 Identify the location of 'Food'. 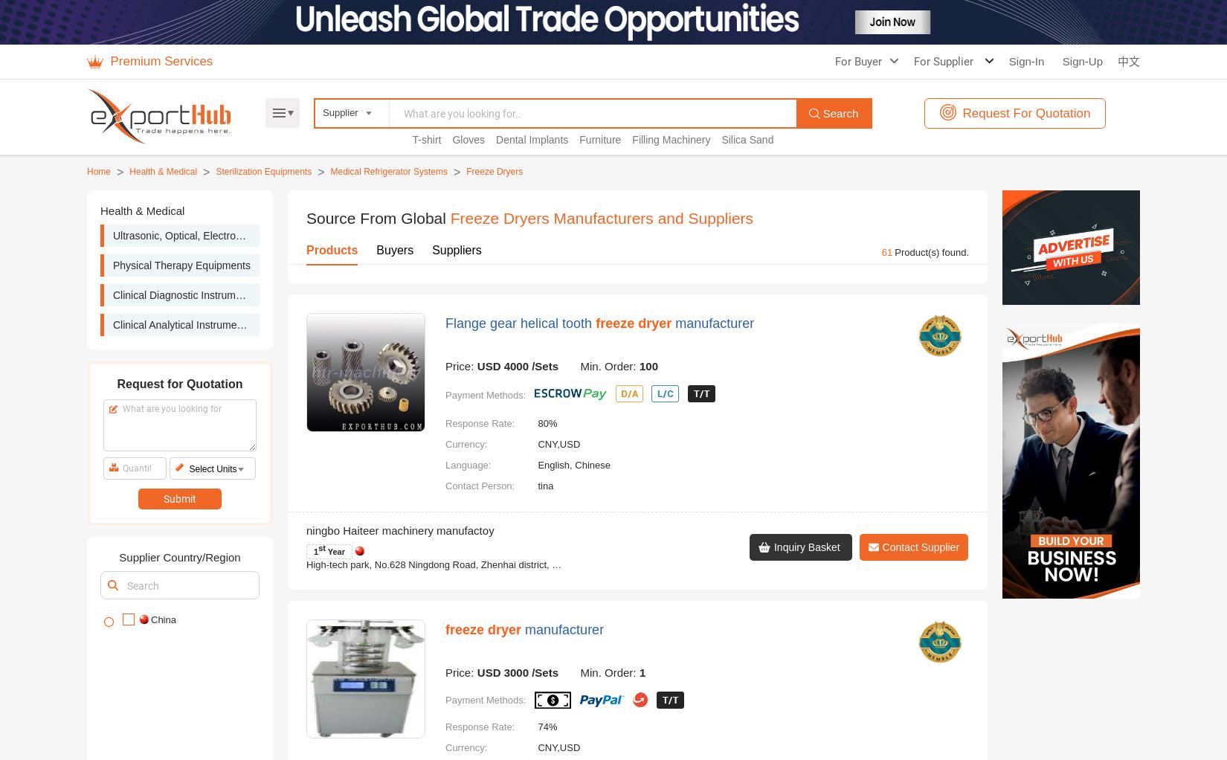
(462, 246).